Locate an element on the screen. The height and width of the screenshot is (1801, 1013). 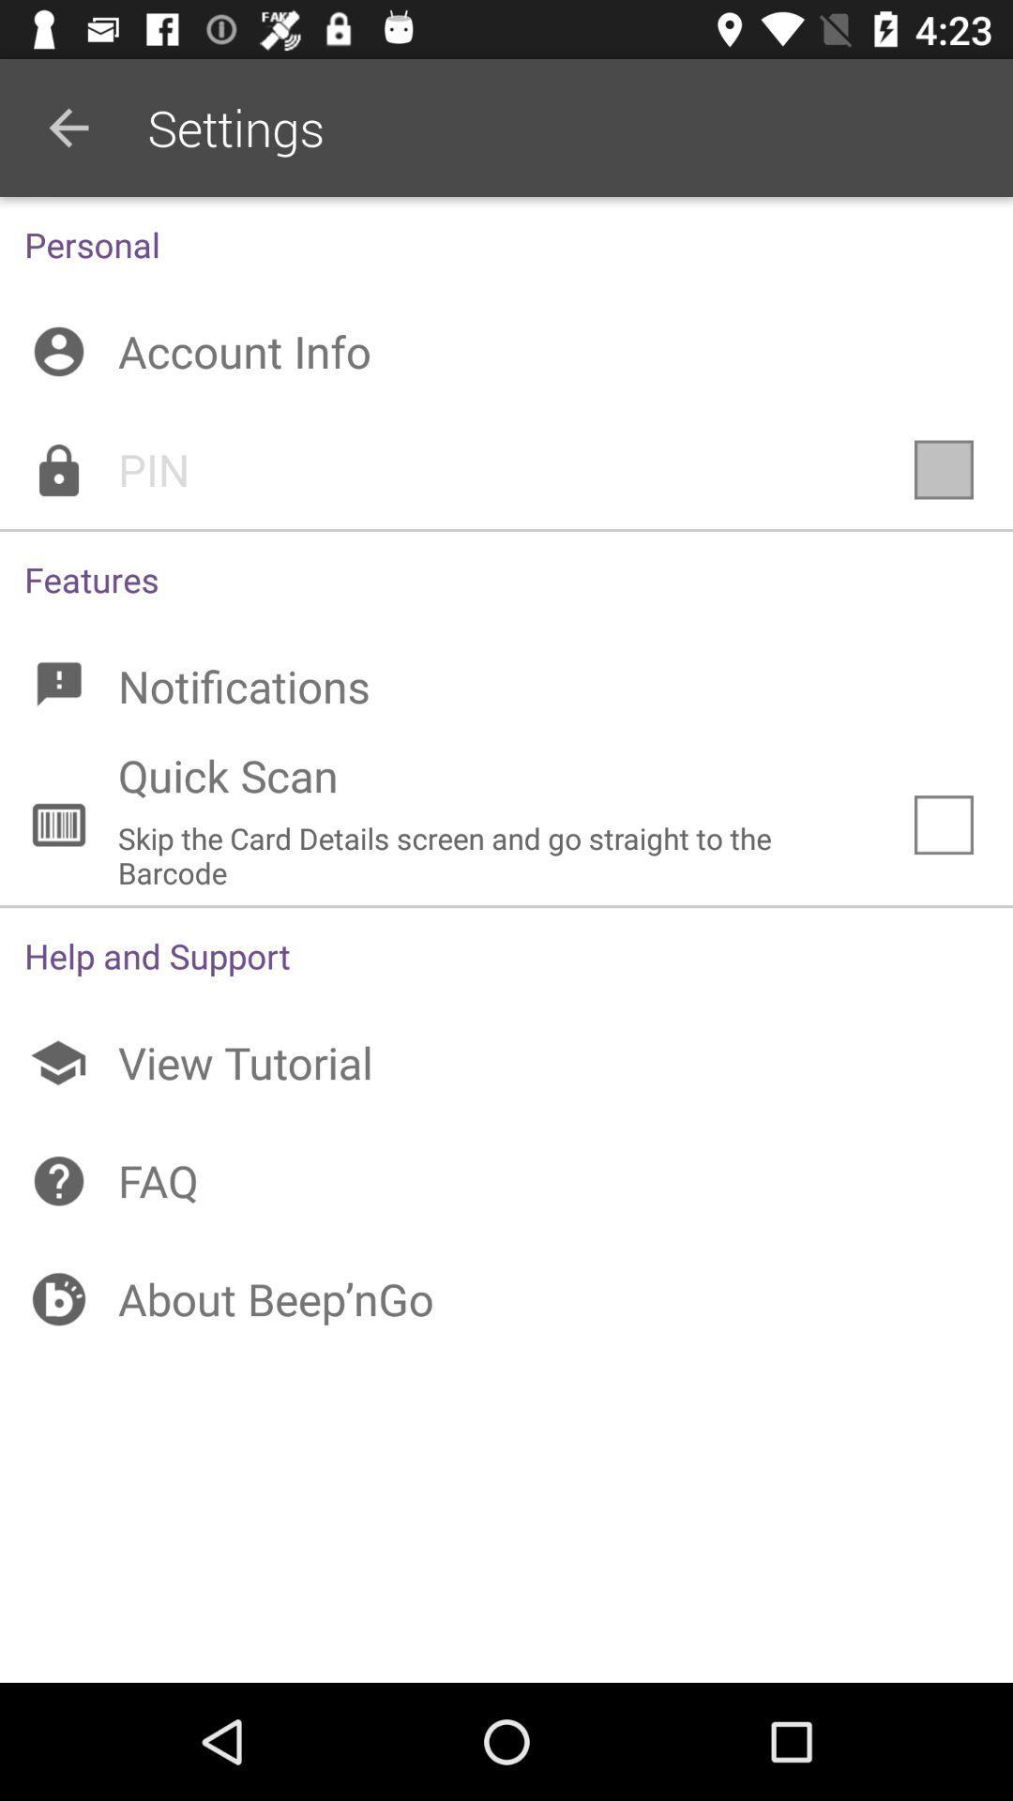
the view tutorial item is located at coordinates (506, 1063).